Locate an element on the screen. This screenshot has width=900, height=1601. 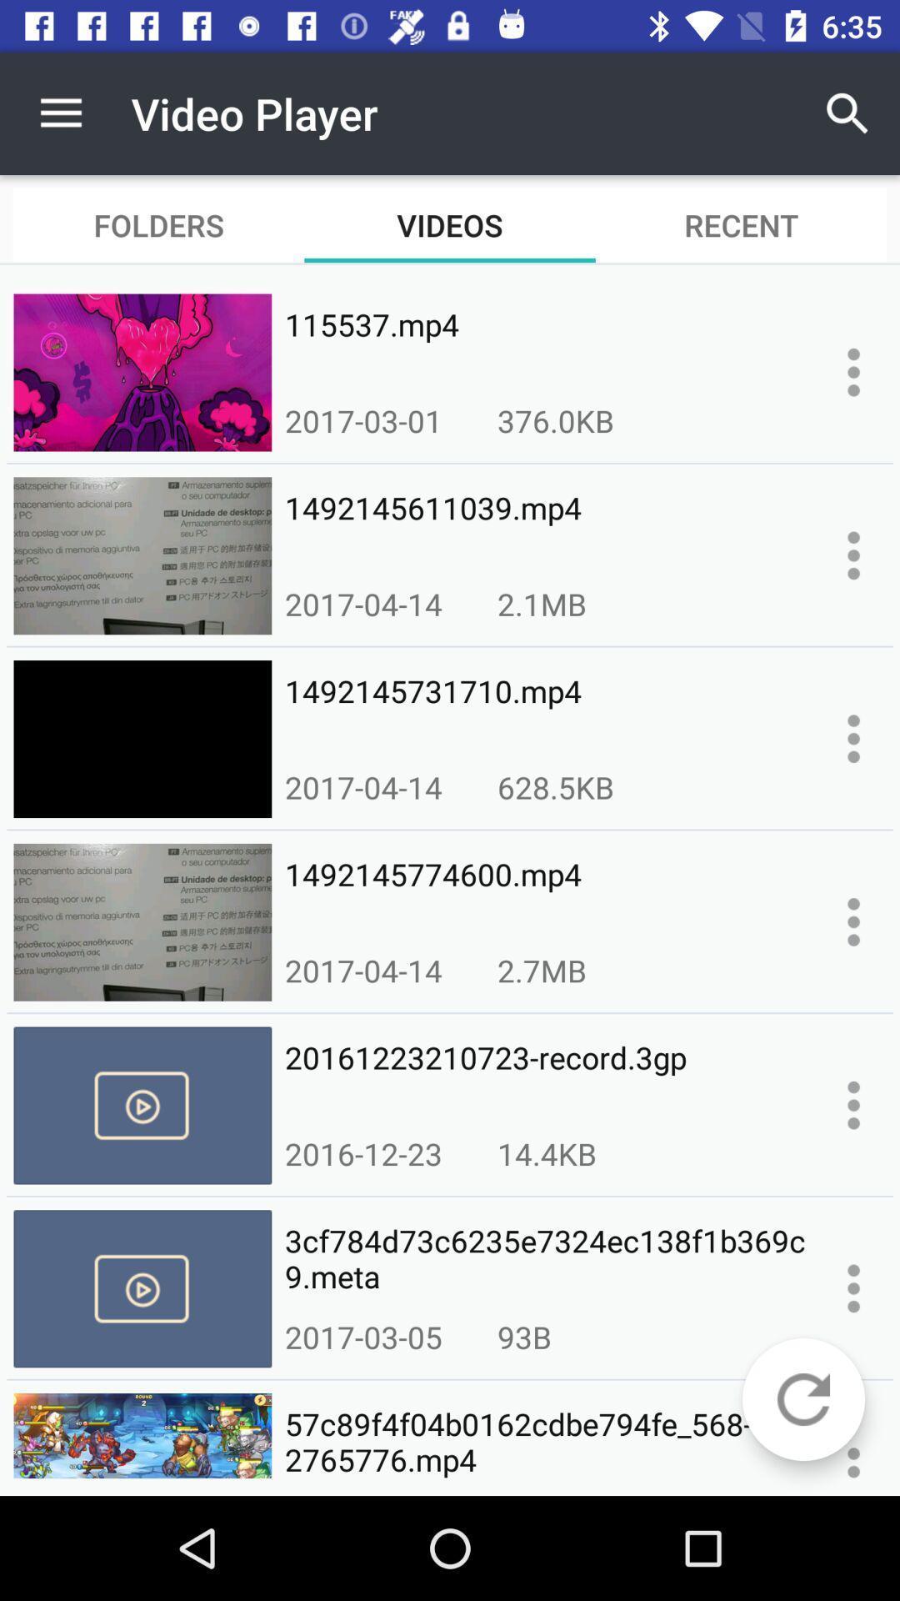
page is located at coordinates (853, 1287).